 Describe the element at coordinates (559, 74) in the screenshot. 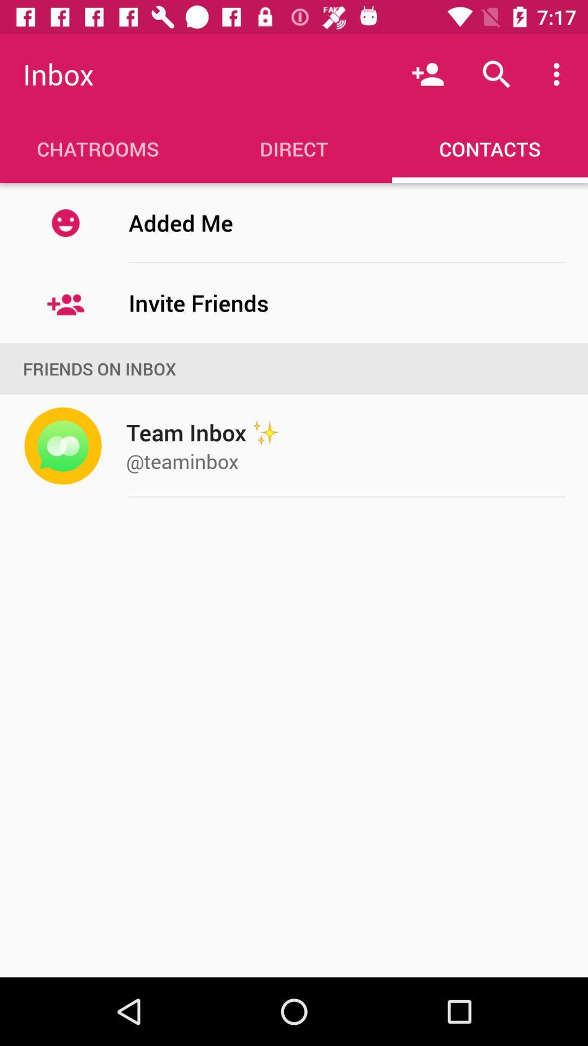

I see `the item above contacts item` at that location.